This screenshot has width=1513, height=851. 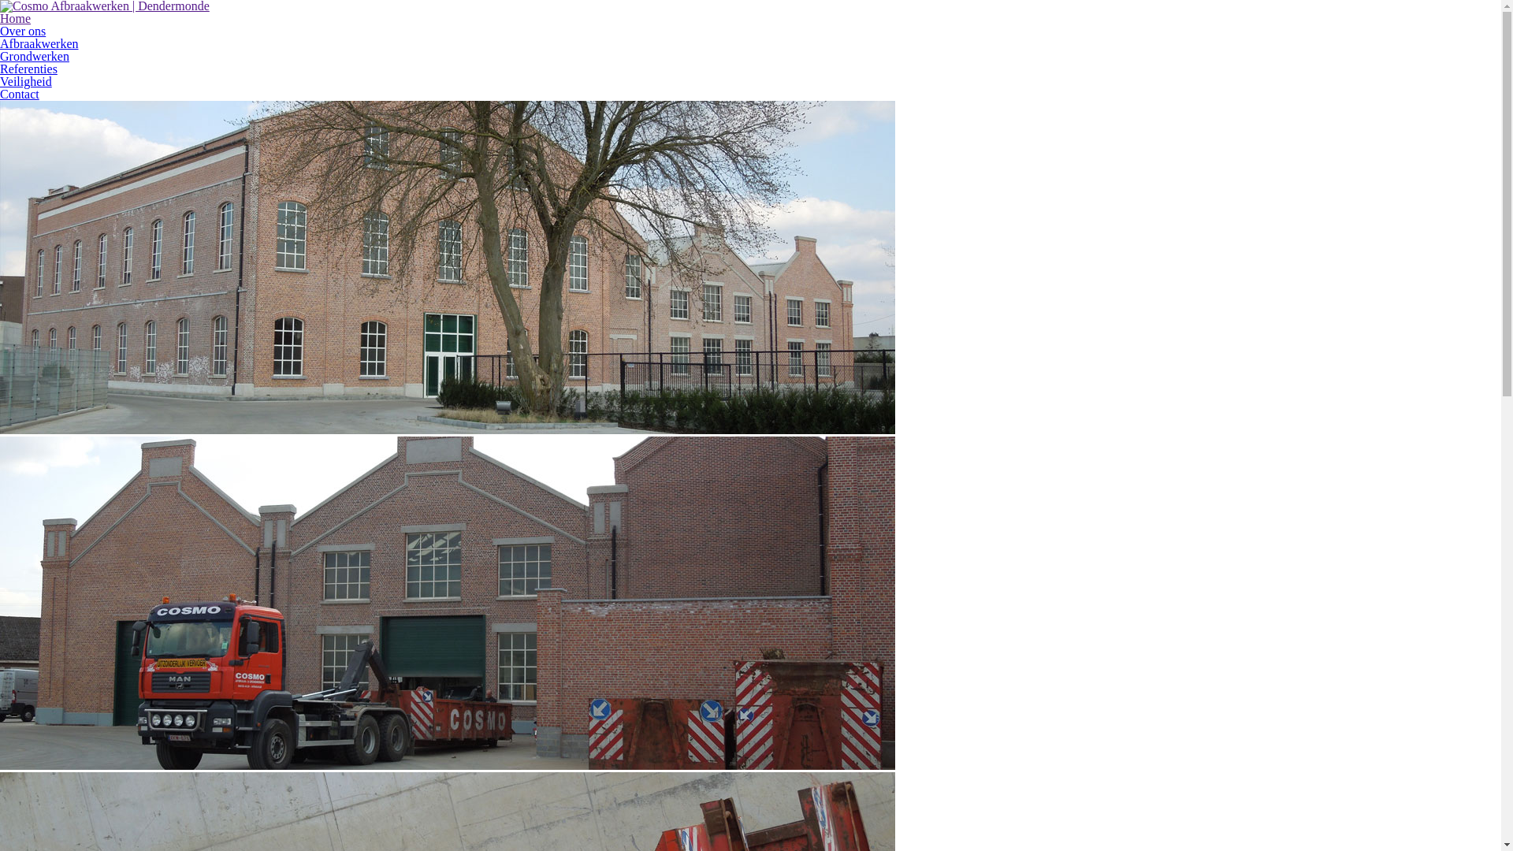 I want to click on 'Cosmo Afbraakwerken | Dendermonde', so click(x=104, y=6).